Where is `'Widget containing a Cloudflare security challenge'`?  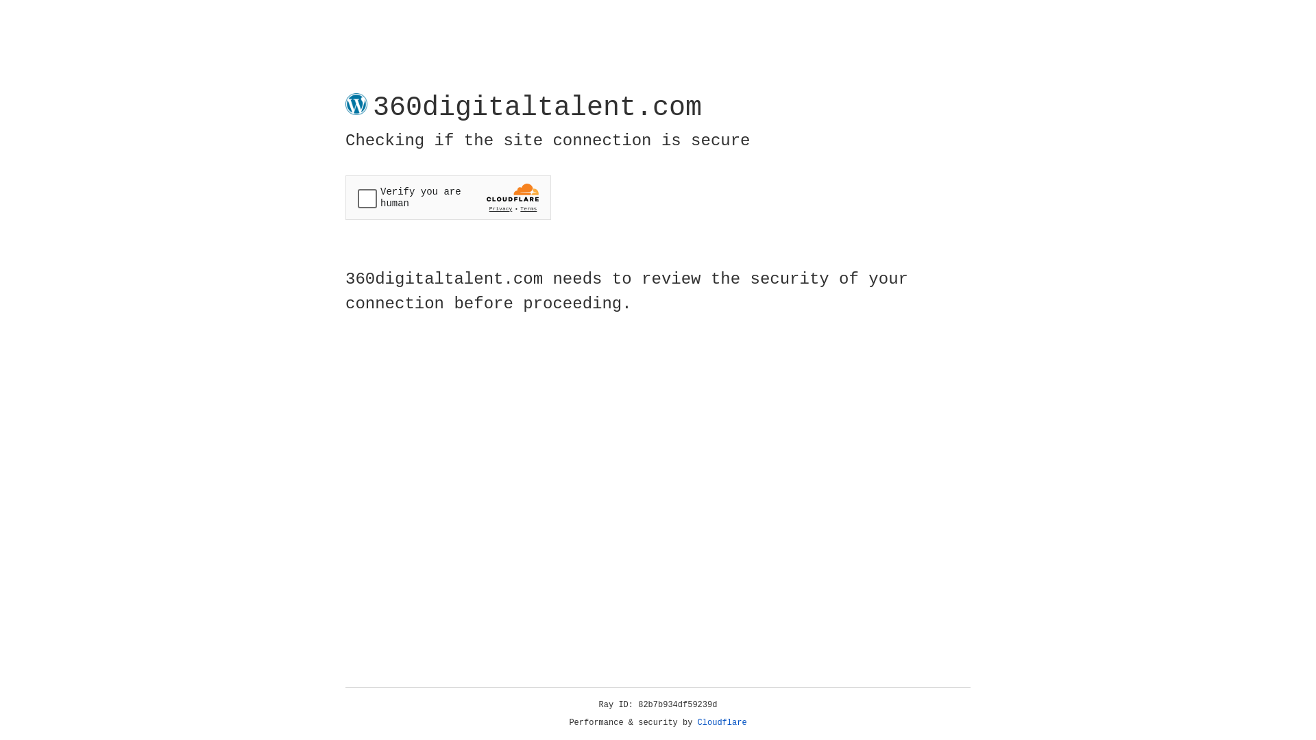 'Widget containing a Cloudflare security challenge' is located at coordinates (448, 197).